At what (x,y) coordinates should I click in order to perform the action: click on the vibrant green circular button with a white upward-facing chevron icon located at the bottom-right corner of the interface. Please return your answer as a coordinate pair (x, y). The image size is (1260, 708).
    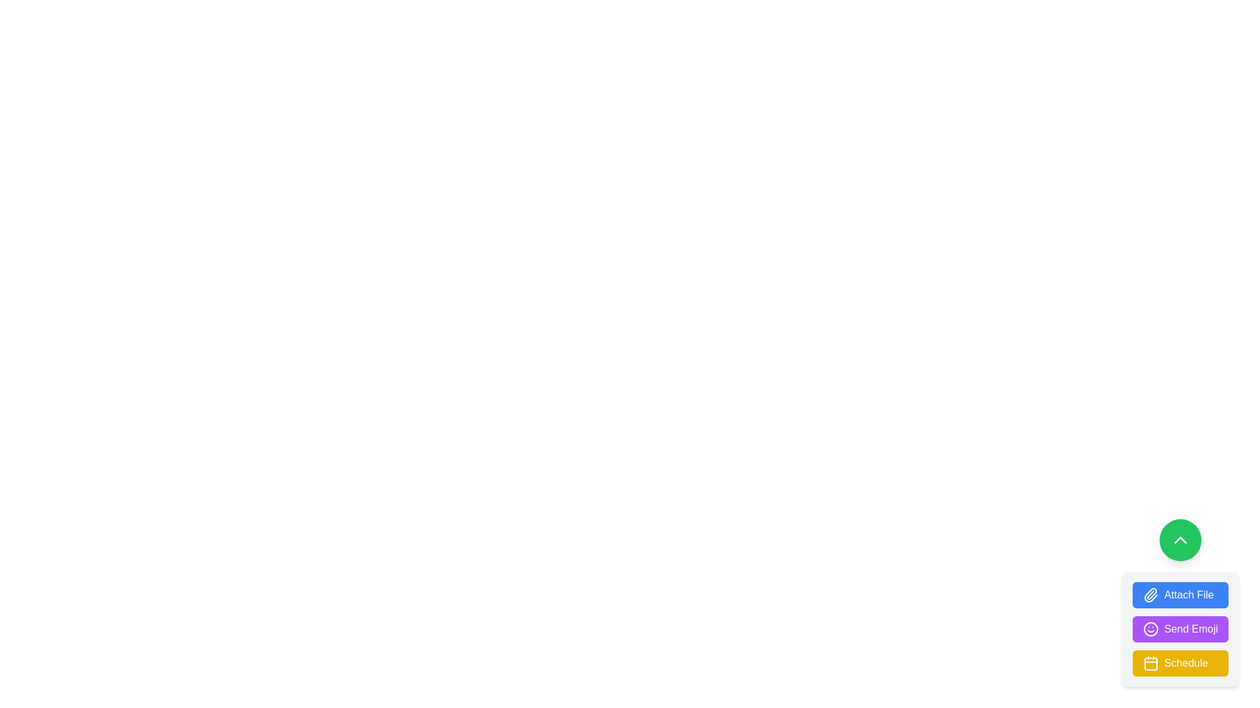
    Looking at the image, I should click on (1181, 540).